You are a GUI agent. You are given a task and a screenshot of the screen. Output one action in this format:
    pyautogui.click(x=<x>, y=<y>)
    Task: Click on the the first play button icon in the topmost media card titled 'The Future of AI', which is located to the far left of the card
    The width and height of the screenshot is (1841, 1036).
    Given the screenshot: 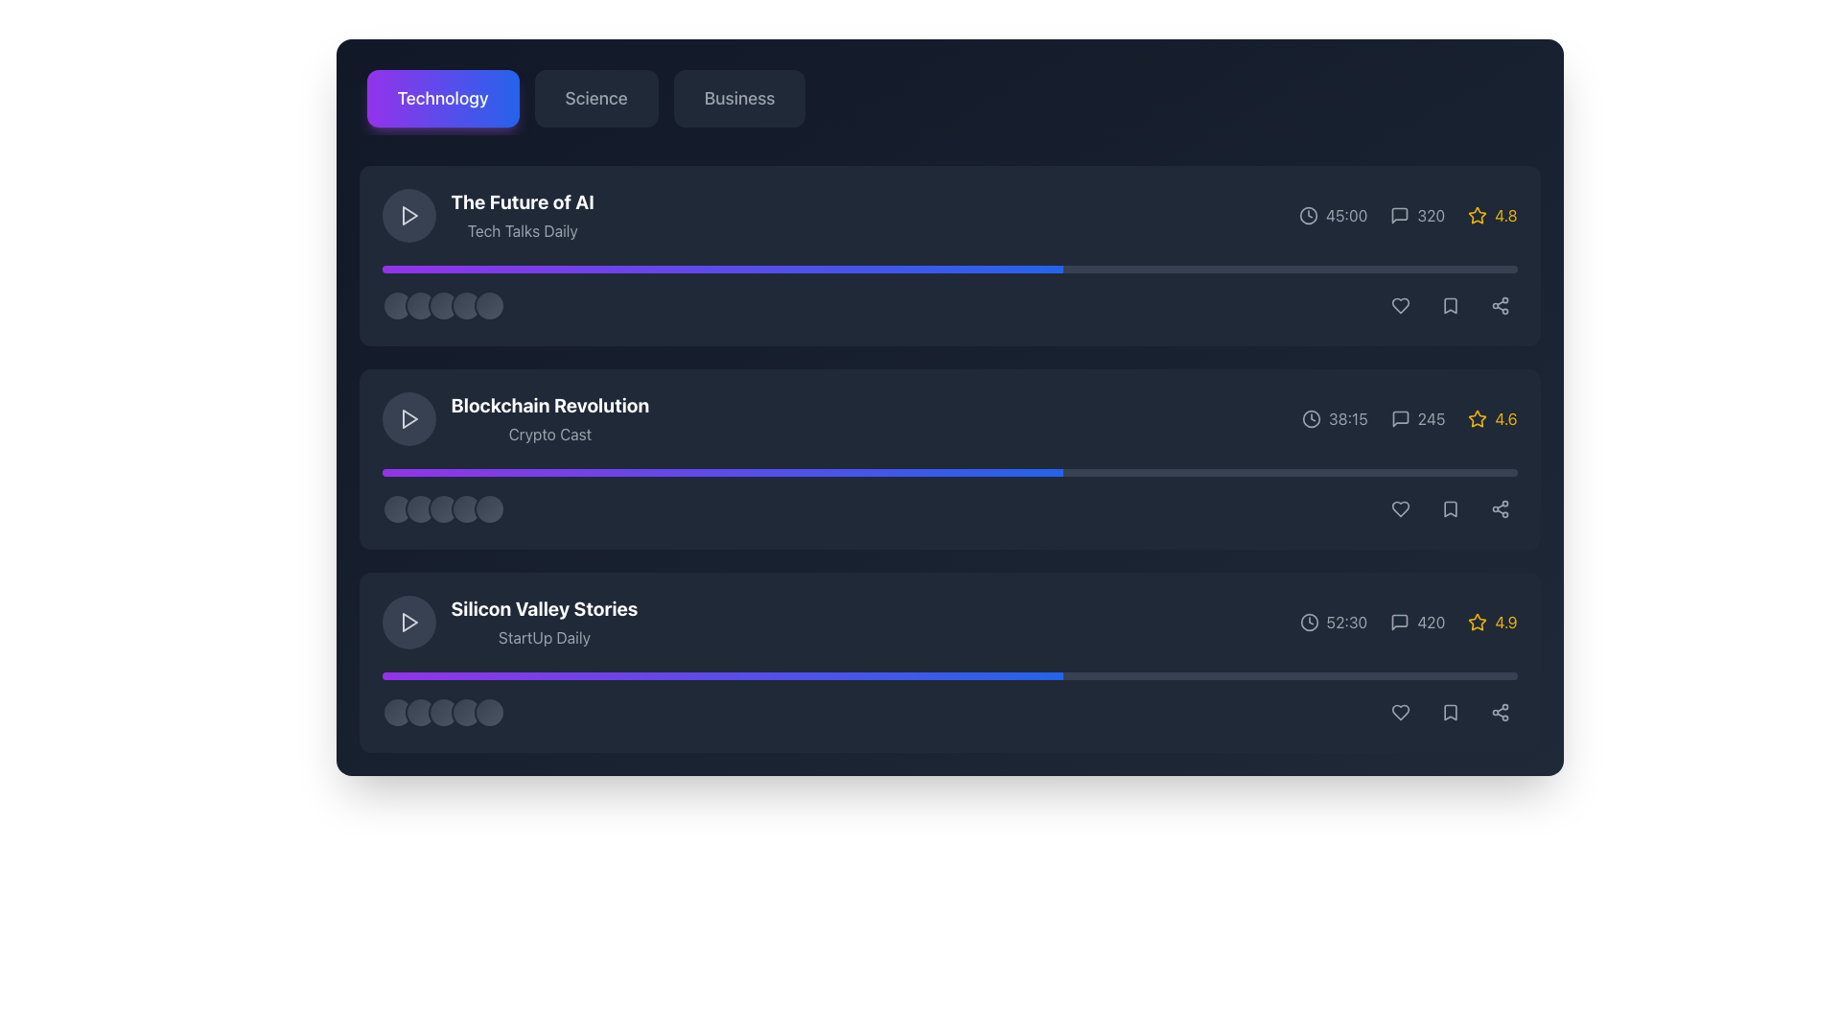 What is the action you would take?
    pyautogui.click(x=408, y=215)
    